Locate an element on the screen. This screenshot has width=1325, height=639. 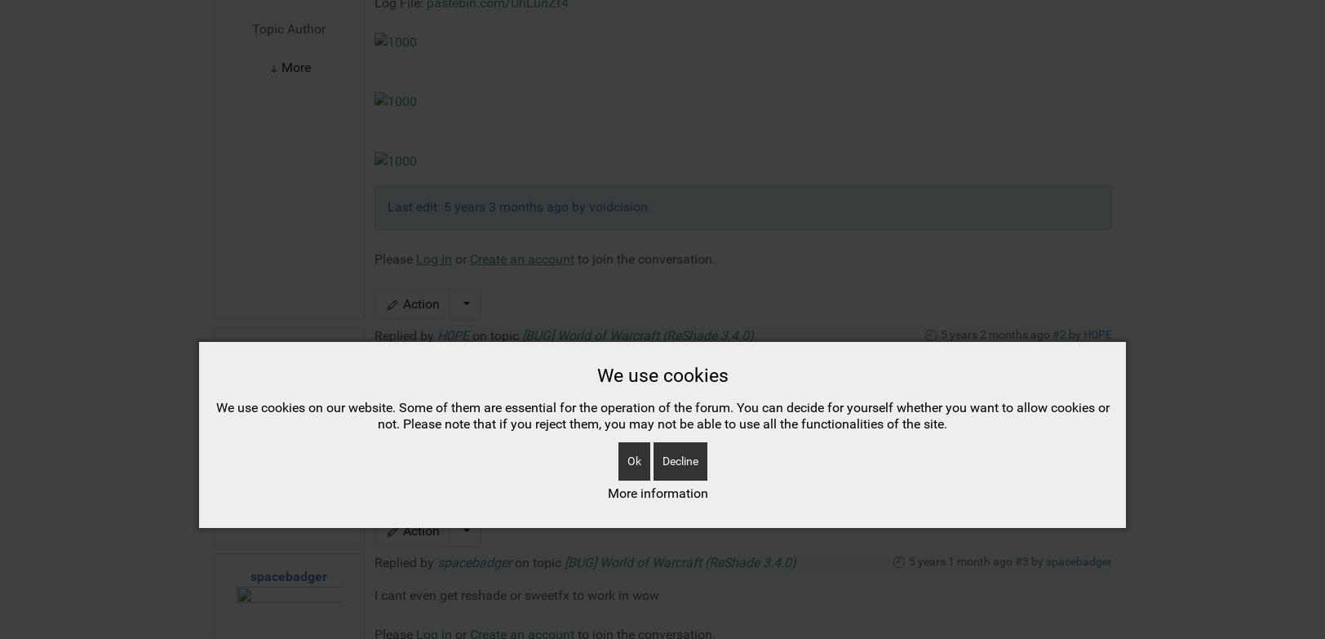
'Ok' is located at coordinates (633, 202).